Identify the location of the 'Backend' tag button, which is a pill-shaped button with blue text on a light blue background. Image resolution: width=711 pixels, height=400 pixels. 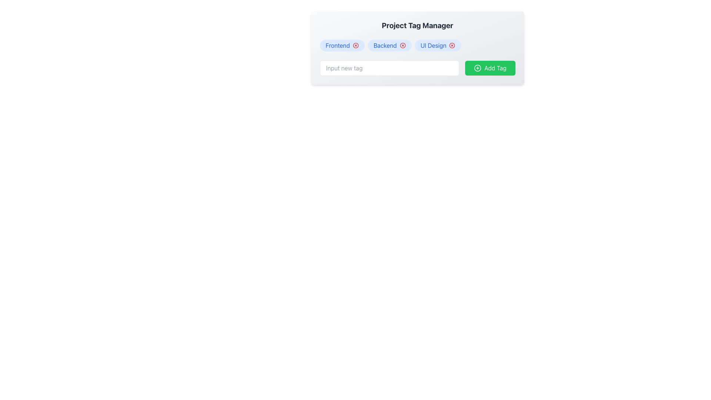
(389, 46).